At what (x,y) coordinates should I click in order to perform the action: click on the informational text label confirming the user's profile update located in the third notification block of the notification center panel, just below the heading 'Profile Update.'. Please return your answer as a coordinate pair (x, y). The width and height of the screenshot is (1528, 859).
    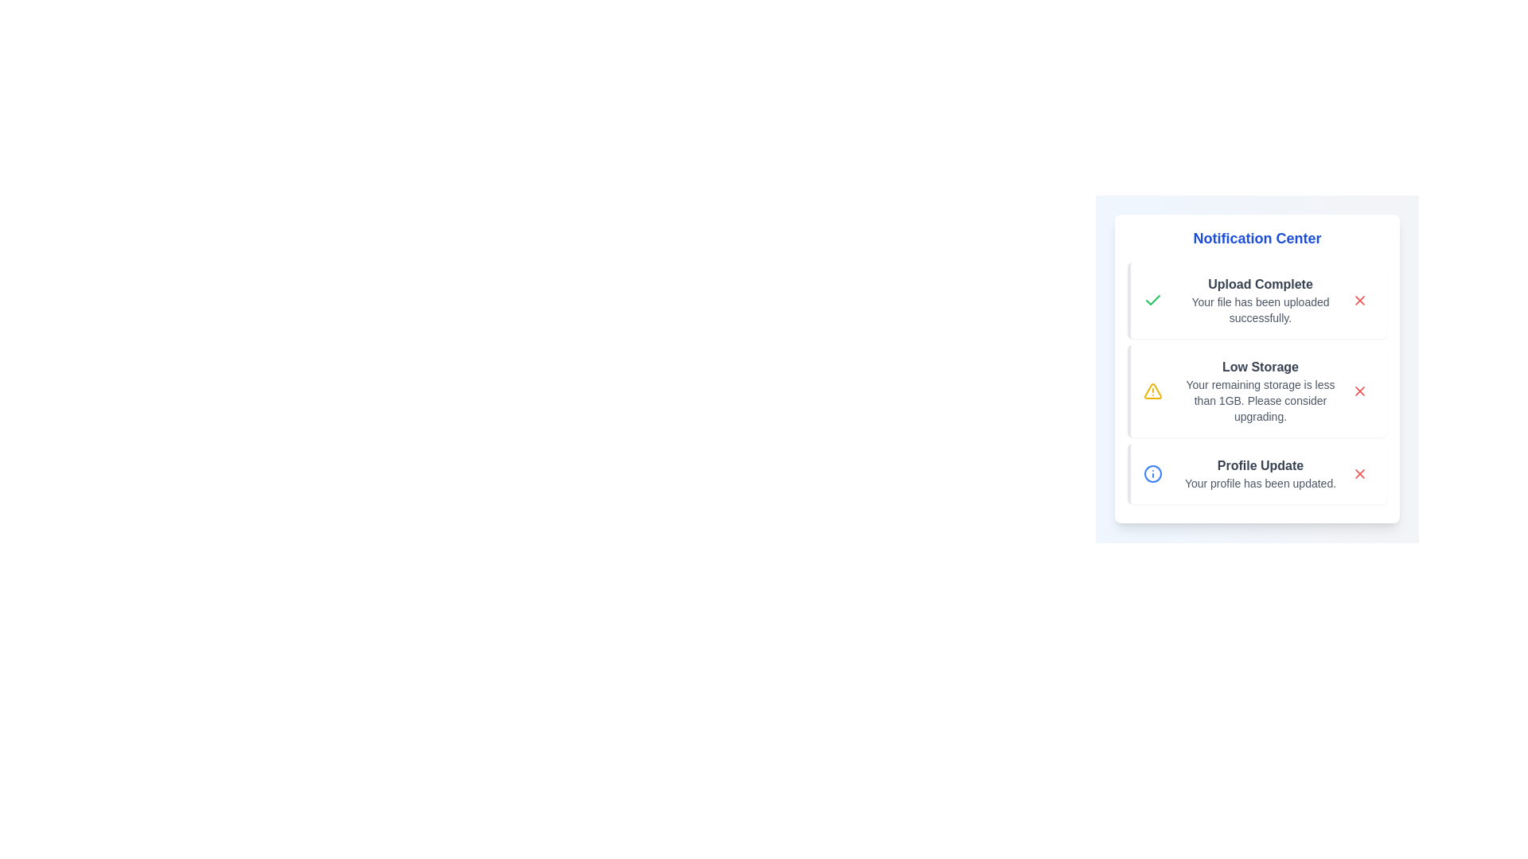
    Looking at the image, I should click on (1260, 483).